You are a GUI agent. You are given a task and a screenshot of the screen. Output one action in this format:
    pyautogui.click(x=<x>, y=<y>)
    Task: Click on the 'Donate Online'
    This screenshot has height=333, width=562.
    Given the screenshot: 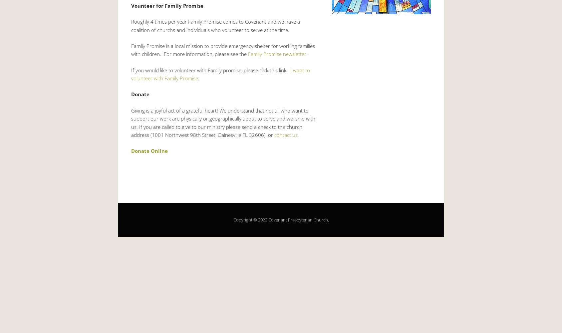 What is the action you would take?
    pyautogui.click(x=149, y=151)
    